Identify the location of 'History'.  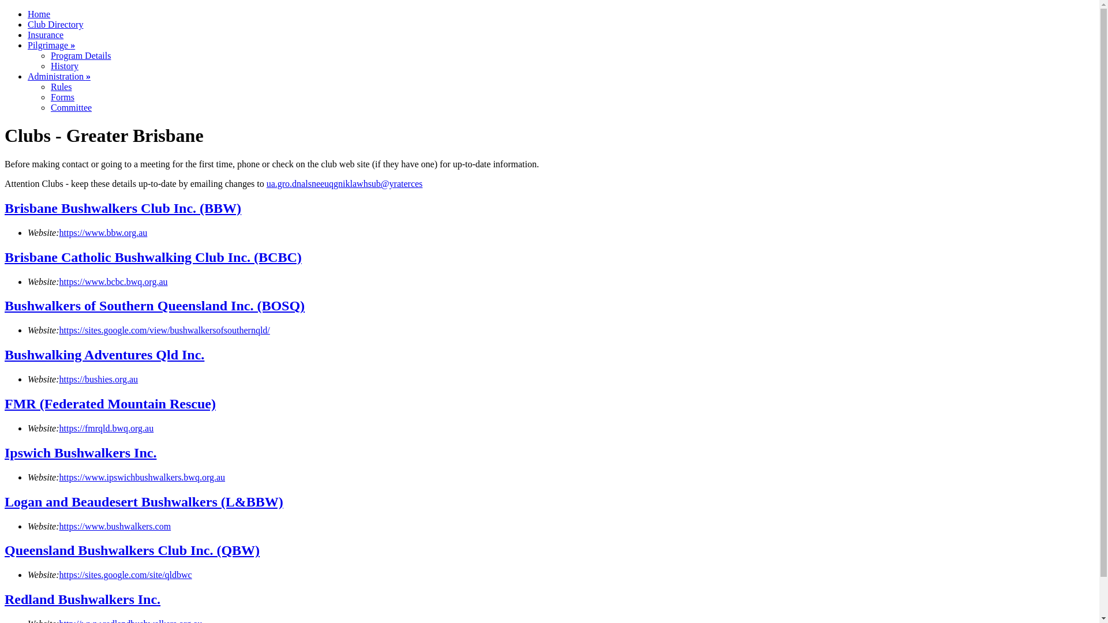
(63, 66).